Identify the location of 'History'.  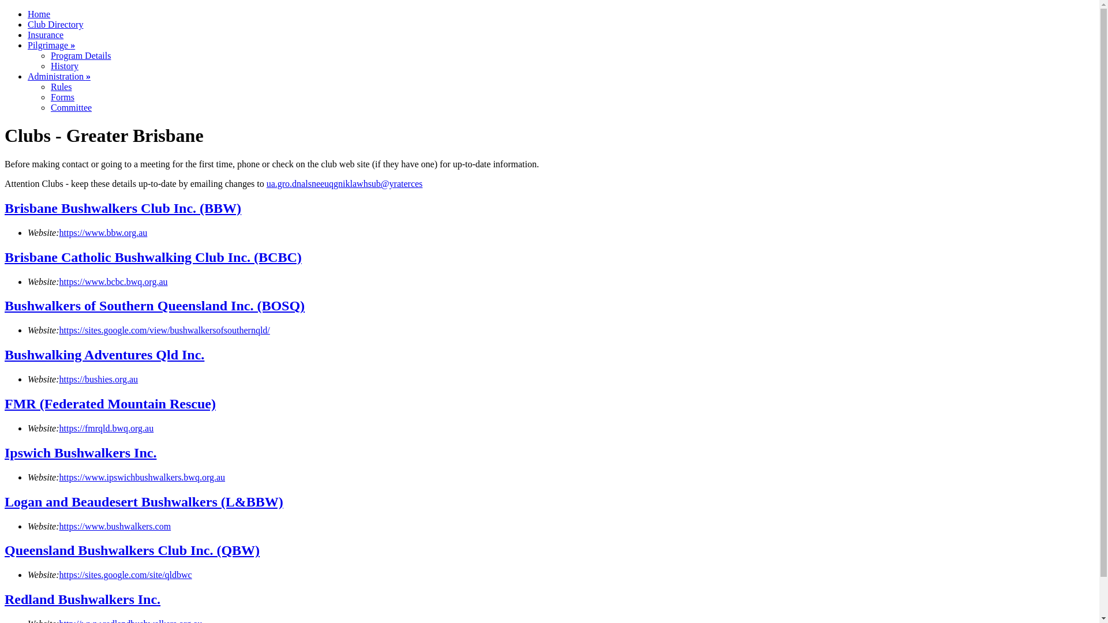
(63, 66).